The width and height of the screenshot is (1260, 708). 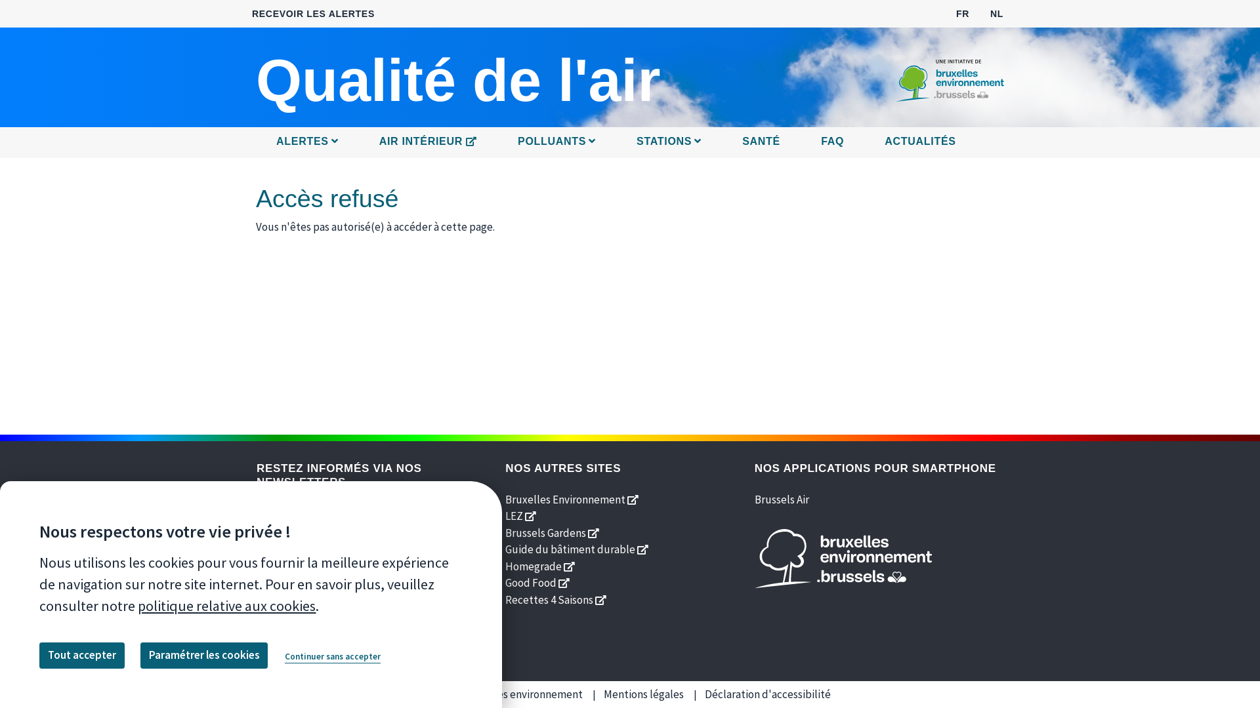 I want to click on 'Continuer sans accepter', so click(x=333, y=657).